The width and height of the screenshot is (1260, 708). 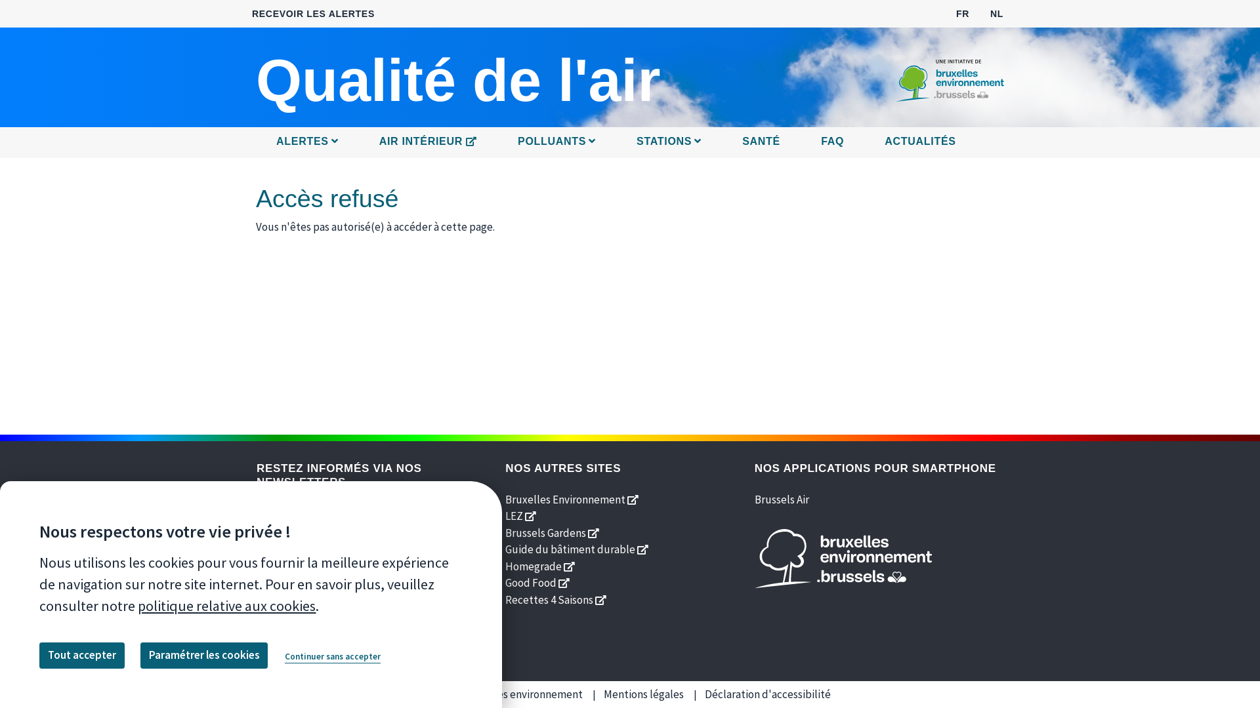 I want to click on 'Continuer sans accepter', so click(x=333, y=657).